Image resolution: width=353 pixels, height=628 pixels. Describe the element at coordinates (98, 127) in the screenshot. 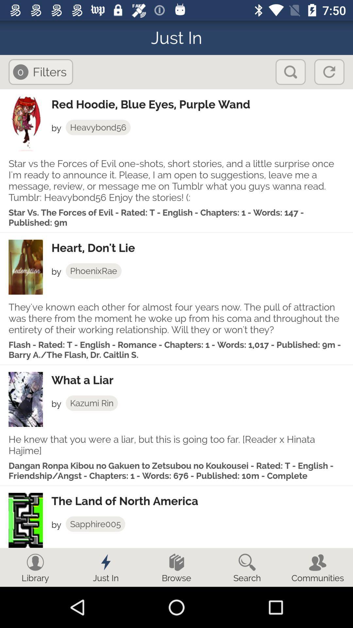

I see `the heavybond56 icon` at that location.